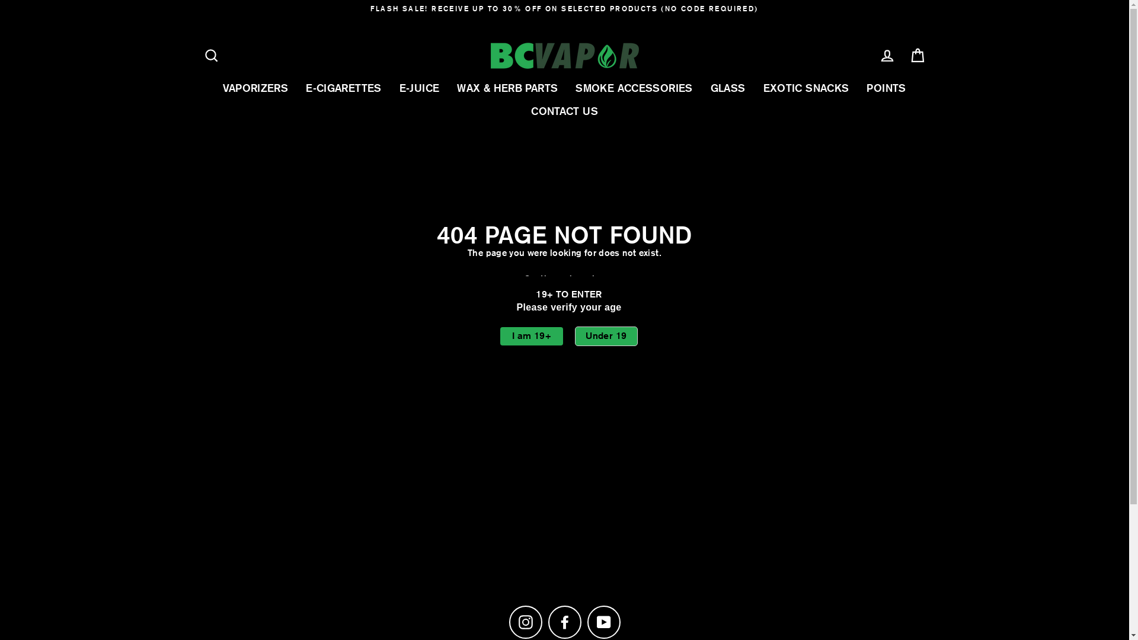 This screenshot has width=1138, height=640. I want to click on 'GLASS', so click(727, 87).